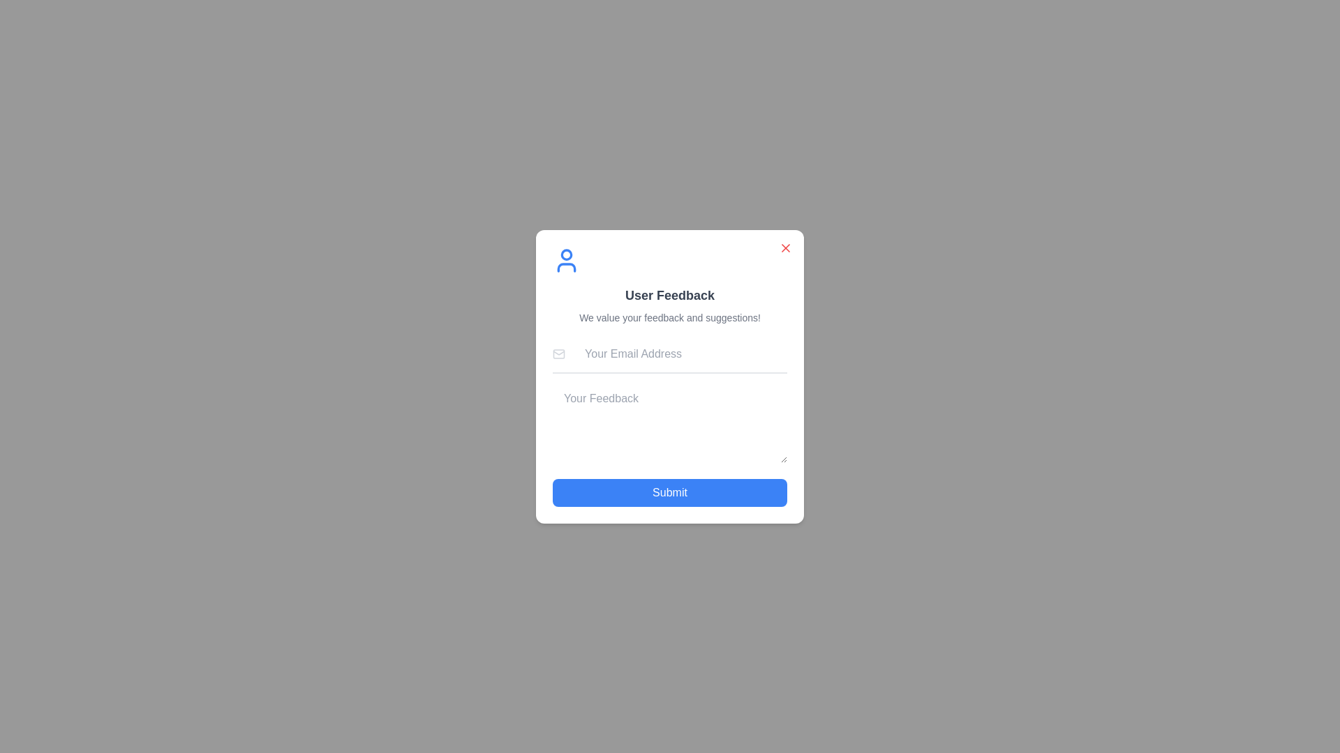 This screenshot has width=1340, height=753. I want to click on the close button to dismiss the dialog, so click(786, 247).